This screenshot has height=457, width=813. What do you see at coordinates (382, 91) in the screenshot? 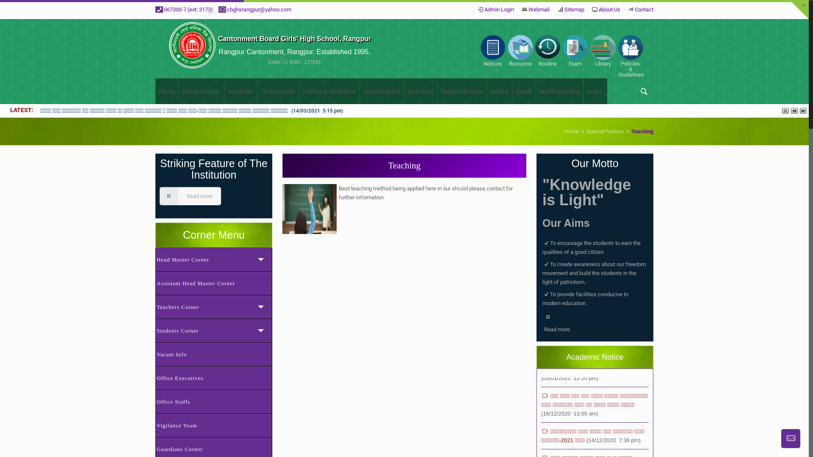
I see `'Achievements'` at bounding box center [382, 91].